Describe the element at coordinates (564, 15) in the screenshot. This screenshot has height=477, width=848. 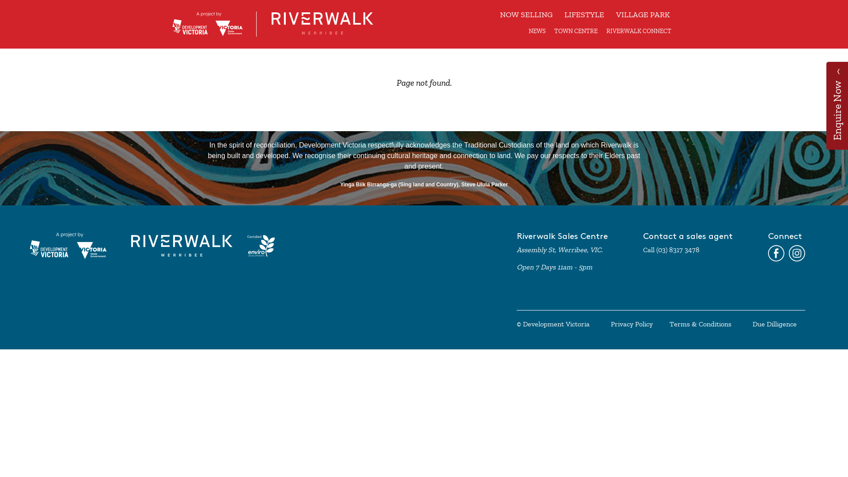
I see `'LIFESTYLE'` at that location.